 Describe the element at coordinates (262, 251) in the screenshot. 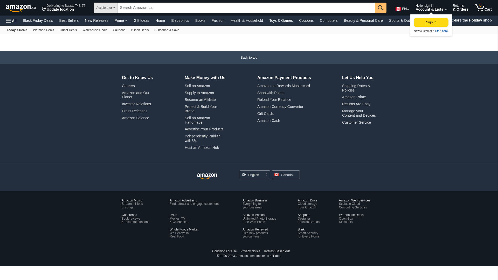

I see `'Interest-Based Ads'` at that location.